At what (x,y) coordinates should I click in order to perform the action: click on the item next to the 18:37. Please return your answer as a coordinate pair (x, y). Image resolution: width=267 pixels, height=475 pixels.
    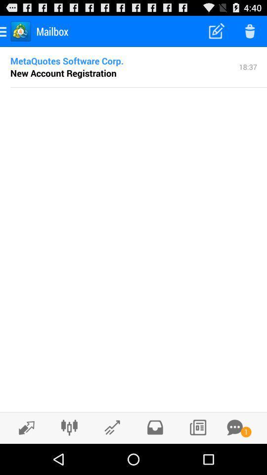
    Looking at the image, I should click on (63, 72).